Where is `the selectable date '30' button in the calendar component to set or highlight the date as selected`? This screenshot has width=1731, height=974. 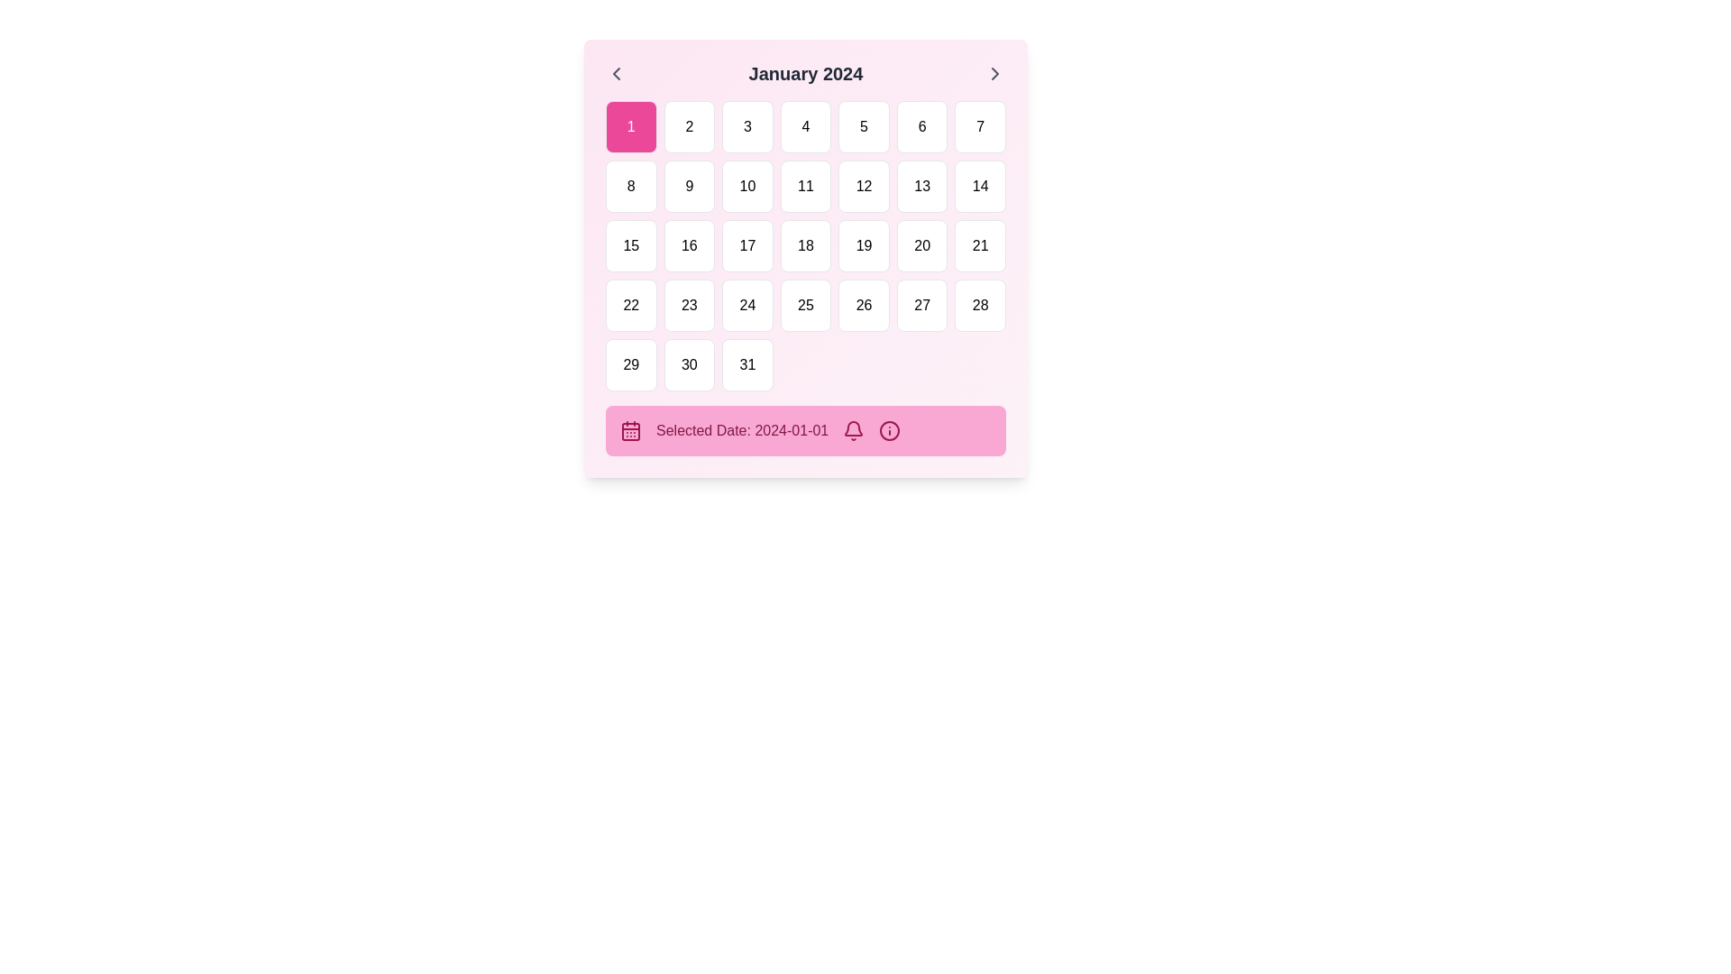
the selectable date '30' button in the calendar component to set or highlight the date as selected is located at coordinates (688, 365).